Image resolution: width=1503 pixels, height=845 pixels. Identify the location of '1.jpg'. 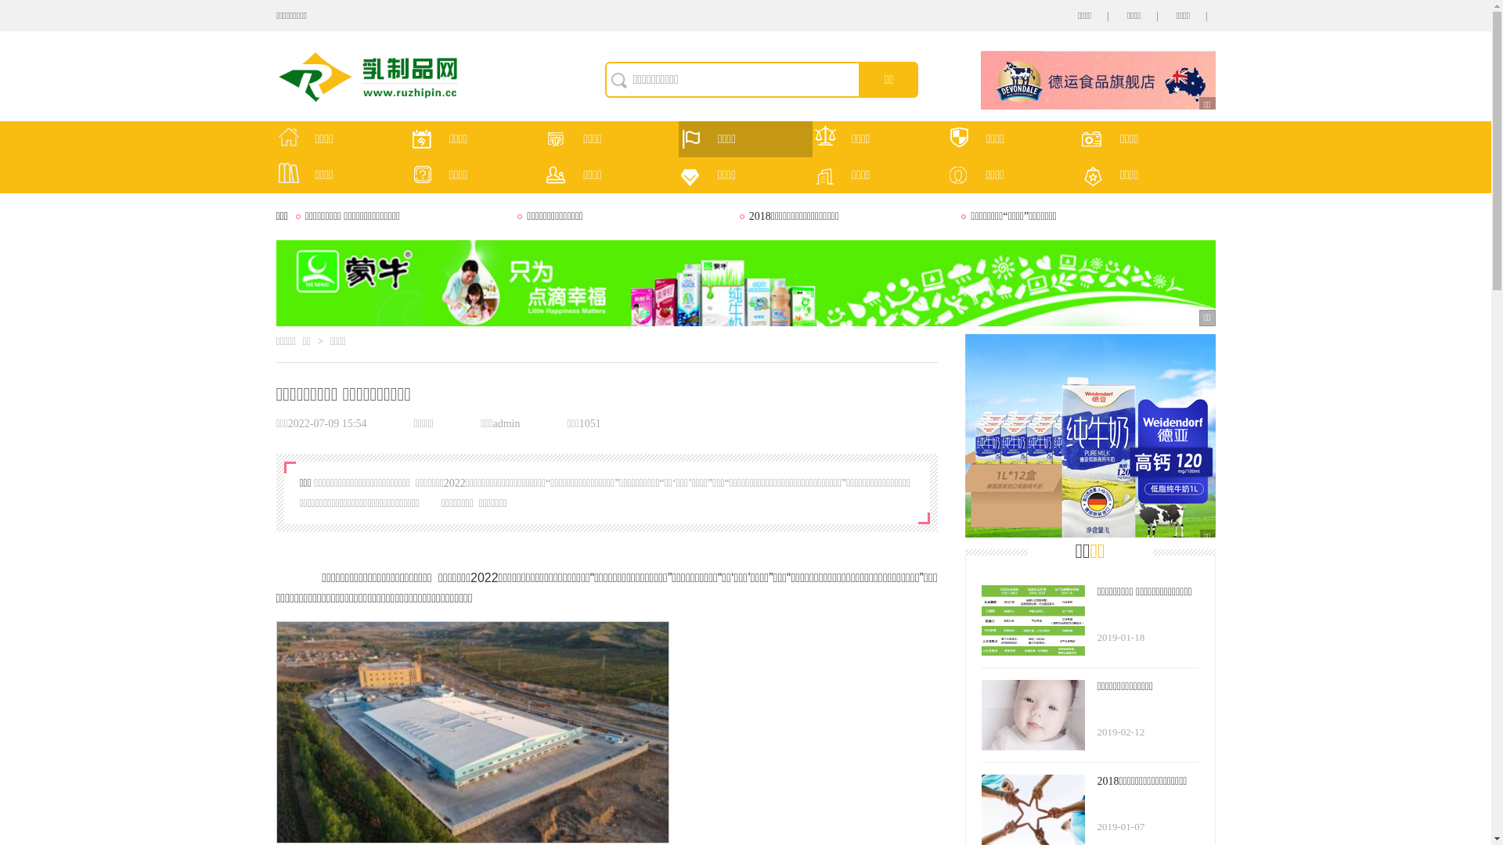
(471, 732).